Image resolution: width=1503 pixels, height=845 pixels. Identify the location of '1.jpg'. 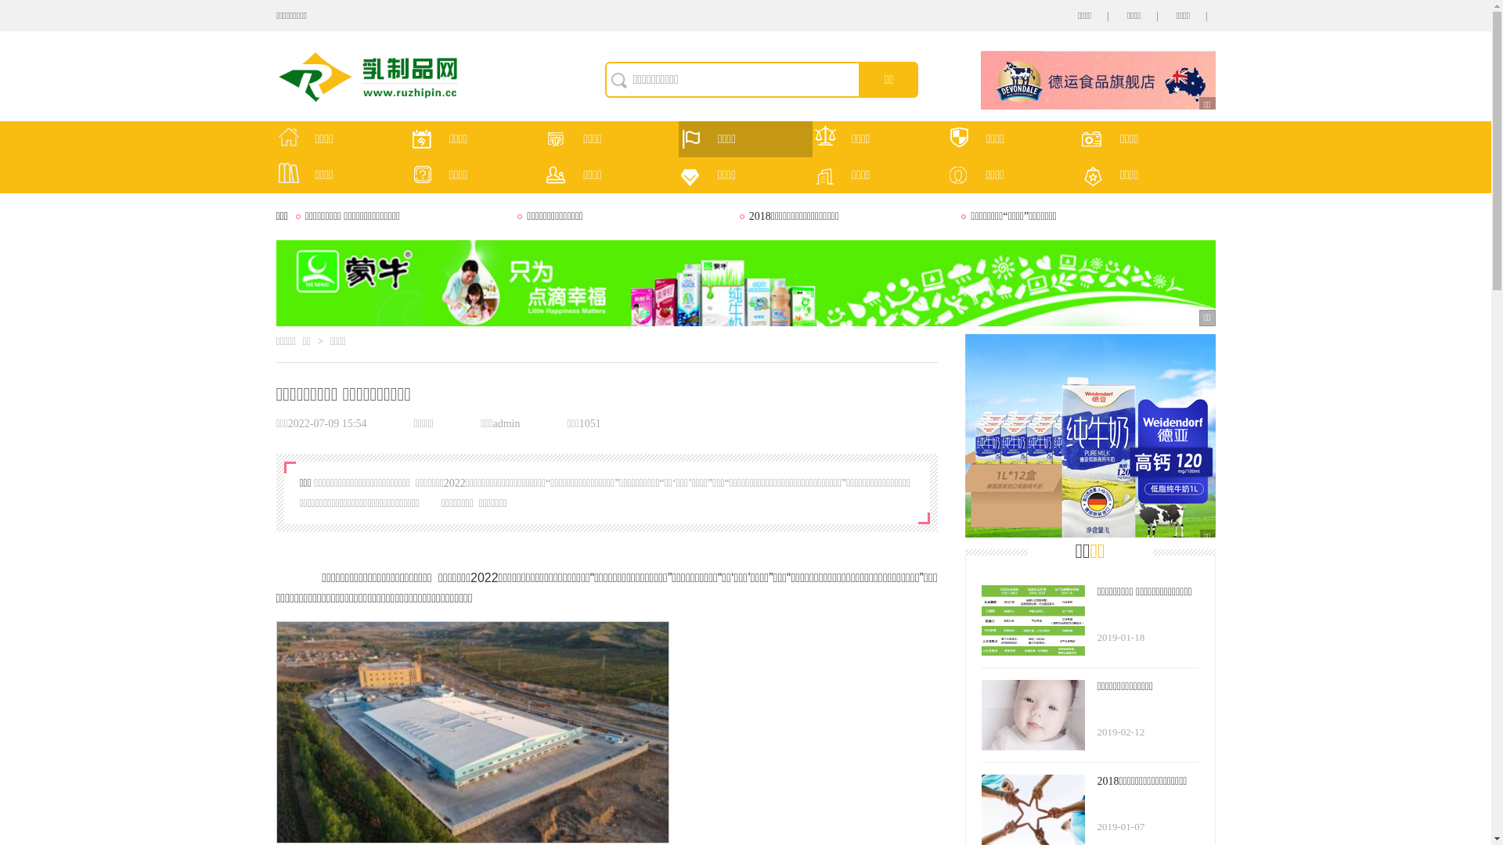
(471, 732).